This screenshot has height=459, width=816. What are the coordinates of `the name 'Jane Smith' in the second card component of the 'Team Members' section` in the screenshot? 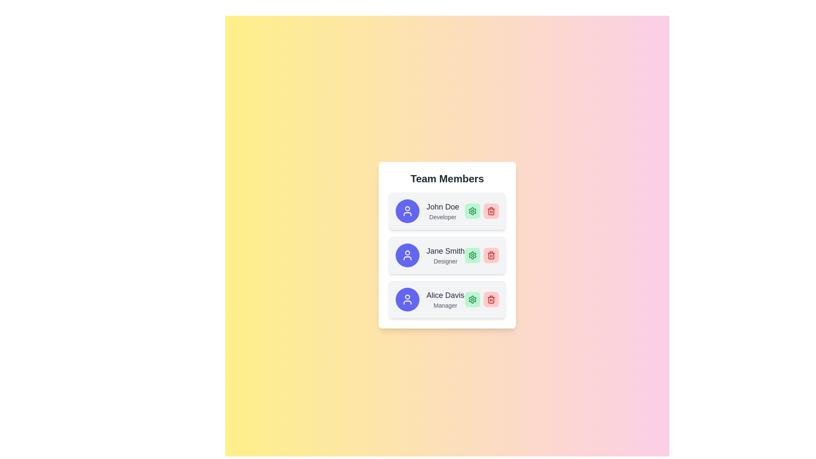 It's located at (447, 245).